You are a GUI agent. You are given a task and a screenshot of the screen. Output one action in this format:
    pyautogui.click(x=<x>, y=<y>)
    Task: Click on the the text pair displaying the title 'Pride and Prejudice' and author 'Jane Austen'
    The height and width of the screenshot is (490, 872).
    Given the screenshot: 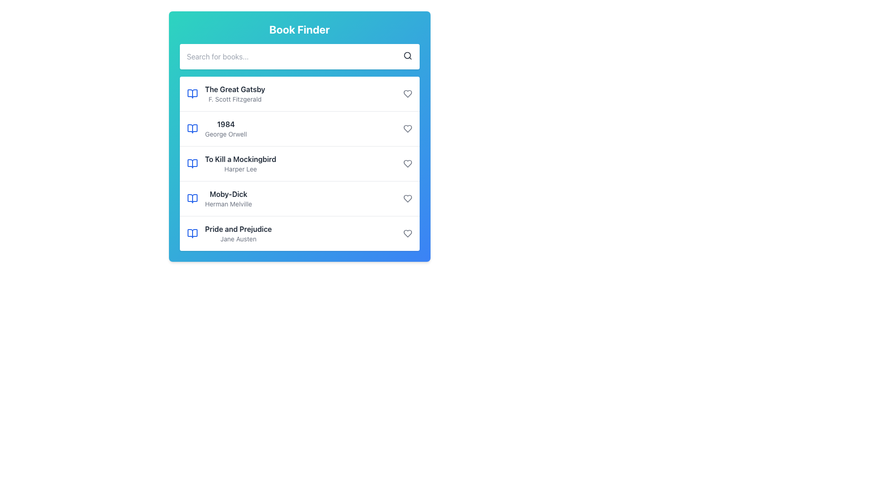 What is the action you would take?
    pyautogui.click(x=238, y=233)
    